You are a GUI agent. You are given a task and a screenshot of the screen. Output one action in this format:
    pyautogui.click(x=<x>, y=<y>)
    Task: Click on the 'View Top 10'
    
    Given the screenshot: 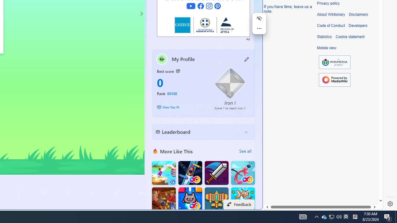 What is the action you would take?
    pyautogui.click(x=181, y=107)
    